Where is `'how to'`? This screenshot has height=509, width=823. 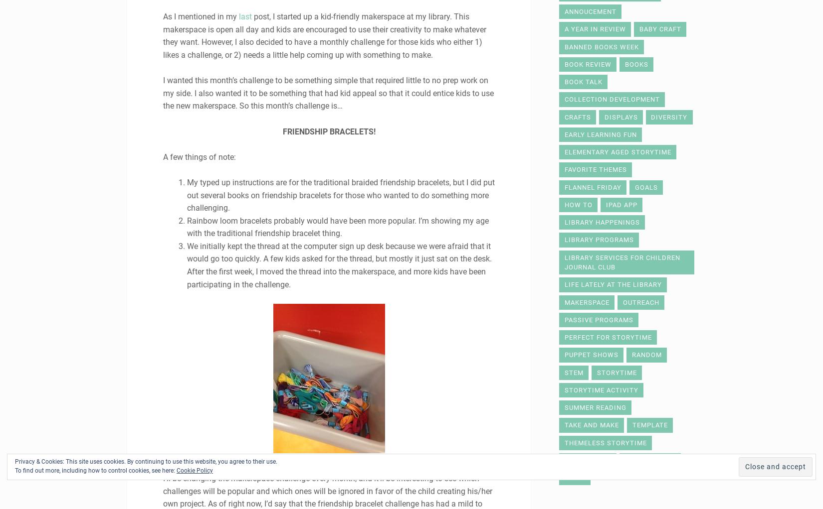
'how to' is located at coordinates (578, 204).